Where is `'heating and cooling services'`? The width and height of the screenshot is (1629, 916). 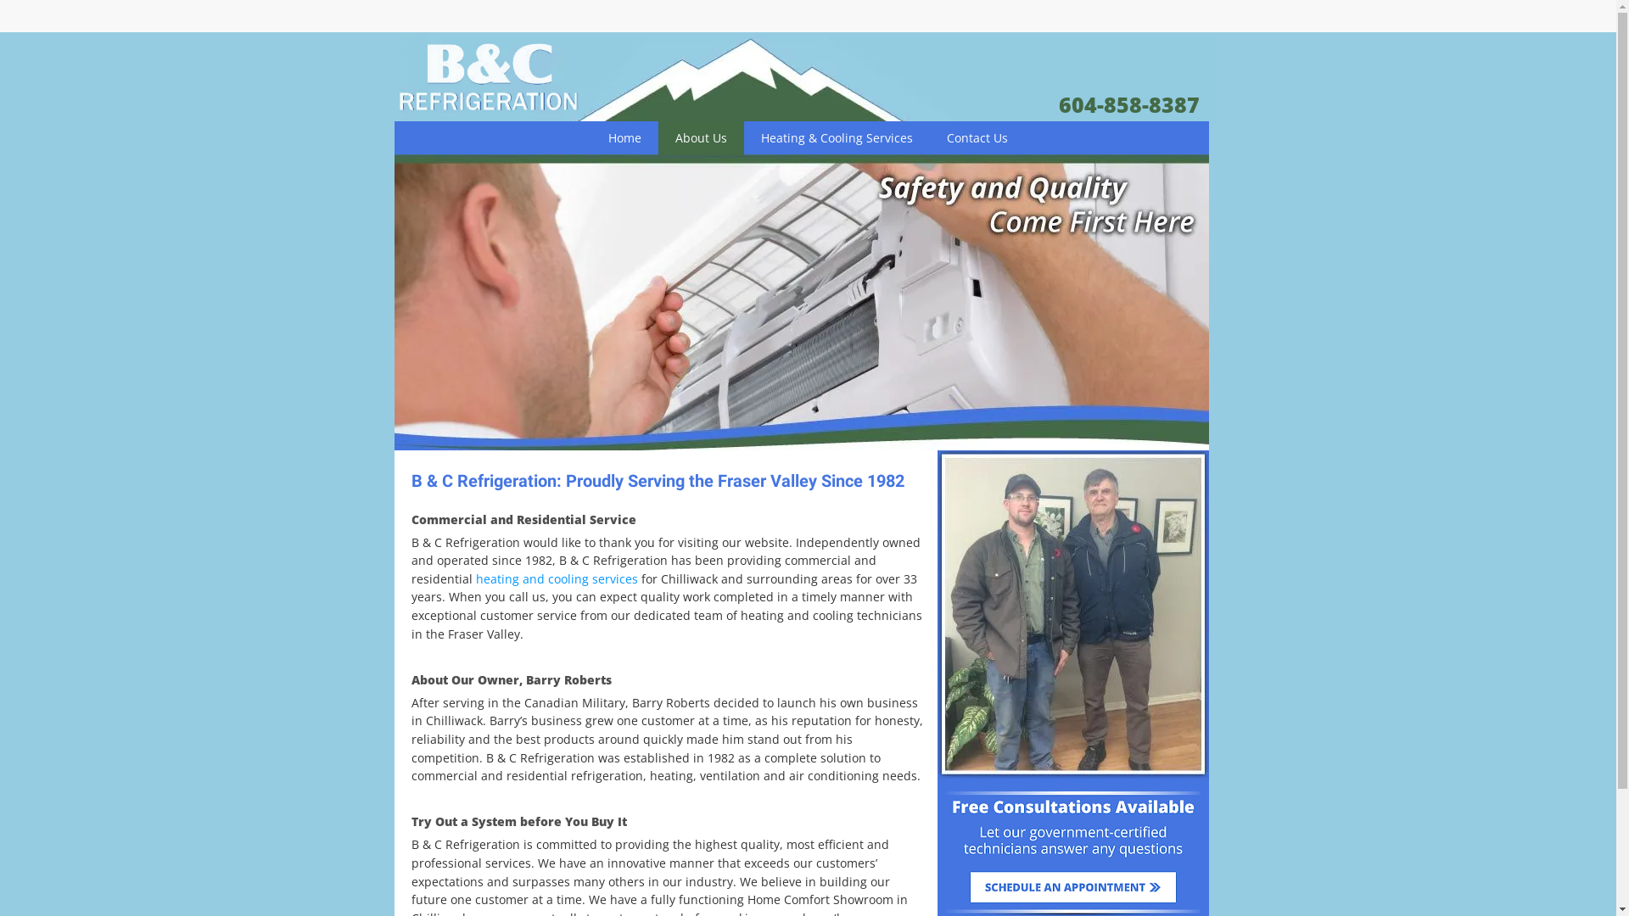 'heating and cooling services' is located at coordinates (556, 578).